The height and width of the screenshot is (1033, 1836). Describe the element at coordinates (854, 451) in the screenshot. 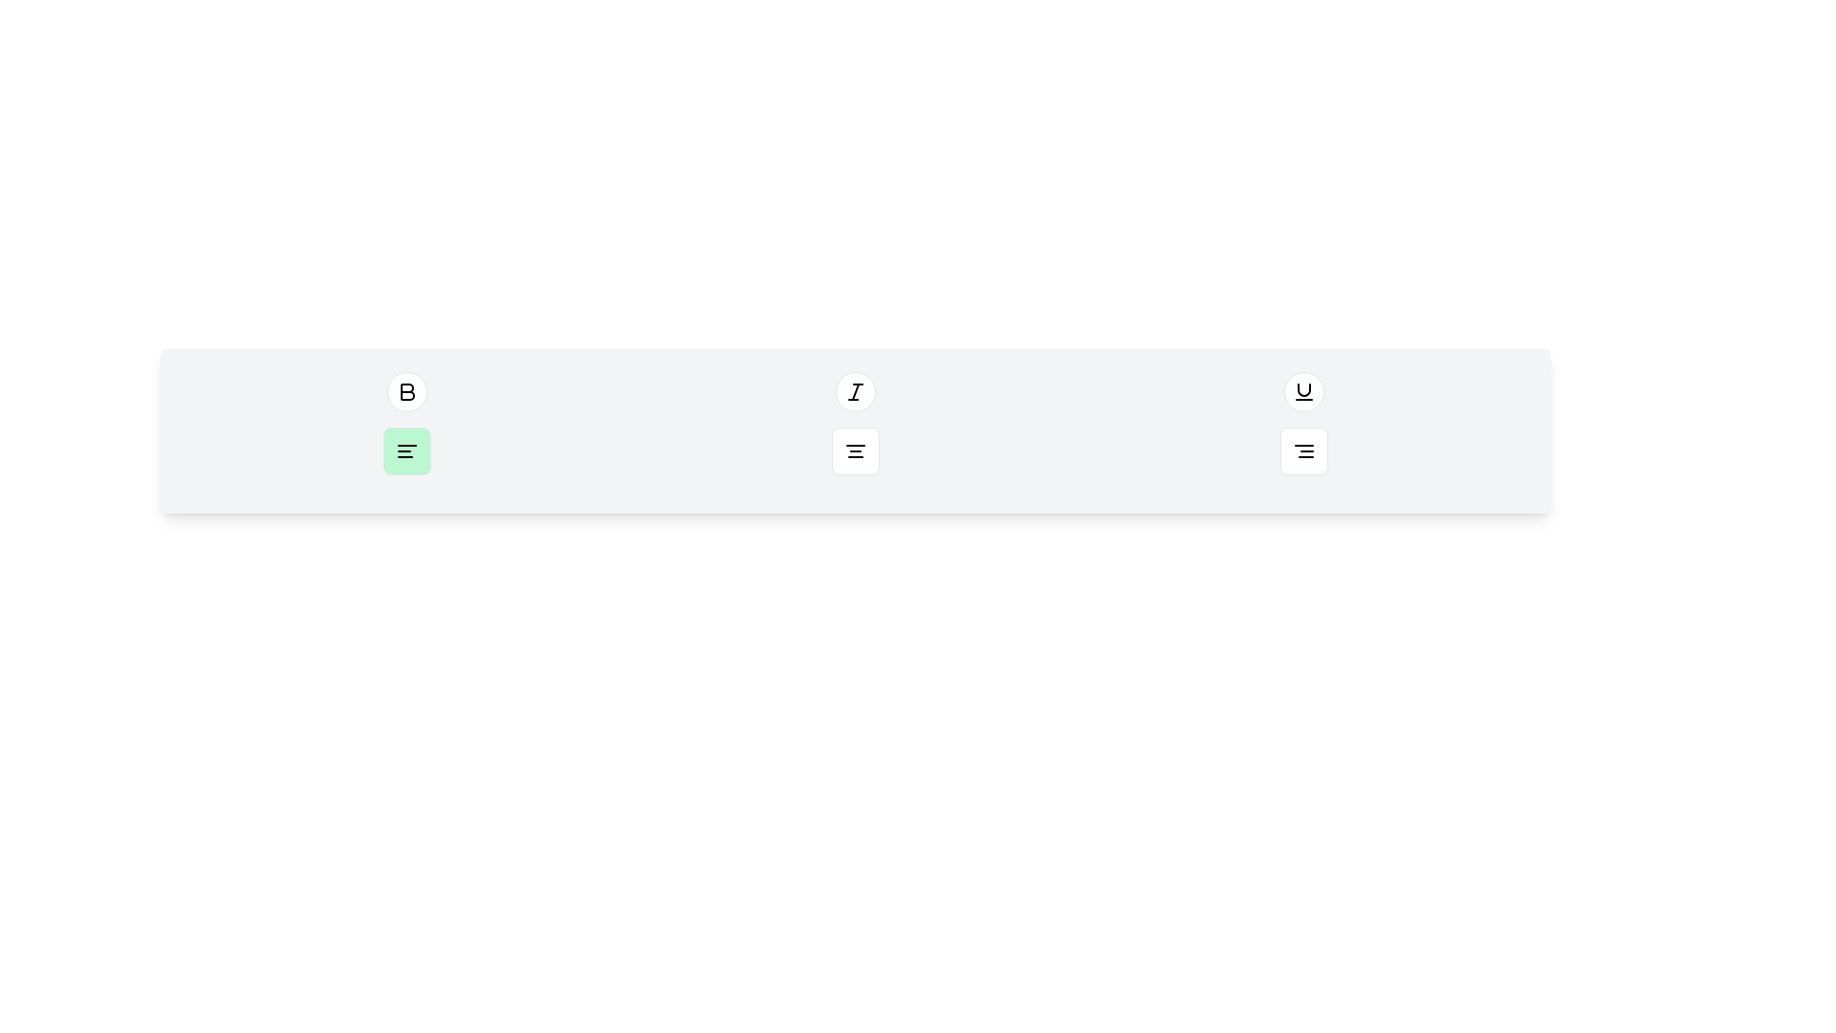

I see `the centered alignment icon button, which features three horizontal black lines and is the second button in the horizontal group beneath the italicized 'I' symbol` at that location.